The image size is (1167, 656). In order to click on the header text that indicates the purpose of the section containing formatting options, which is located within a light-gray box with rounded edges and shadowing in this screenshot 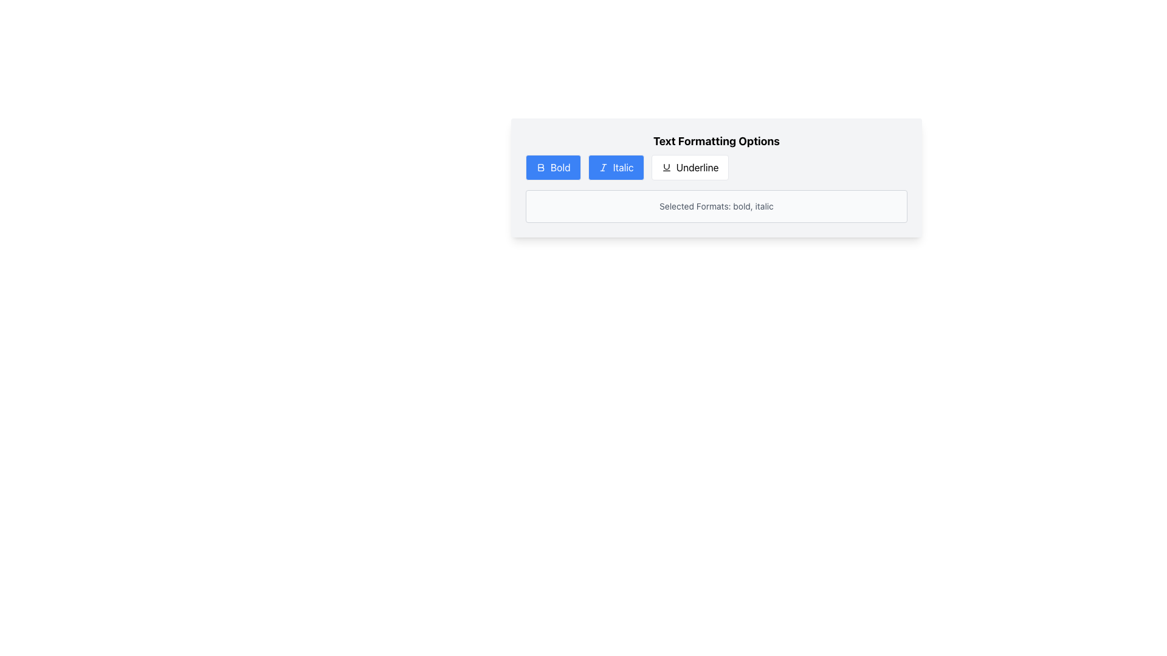, I will do `click(717, 140)`.